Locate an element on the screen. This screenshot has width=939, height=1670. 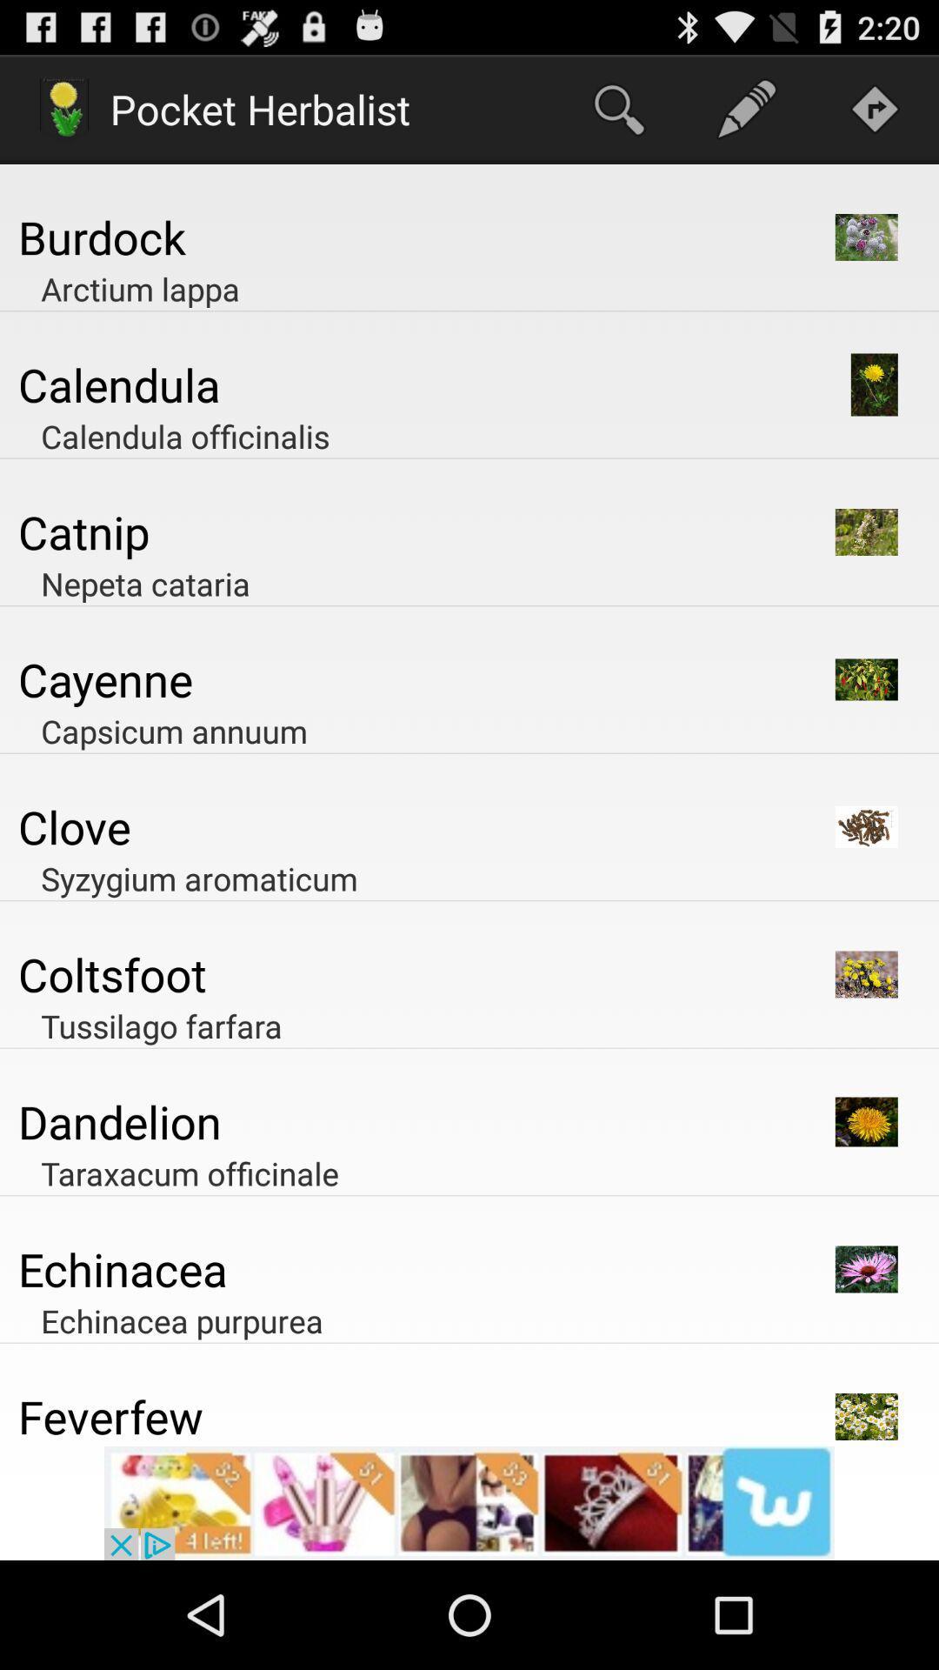
advertisement display window is located at coordinates (469, 1502).